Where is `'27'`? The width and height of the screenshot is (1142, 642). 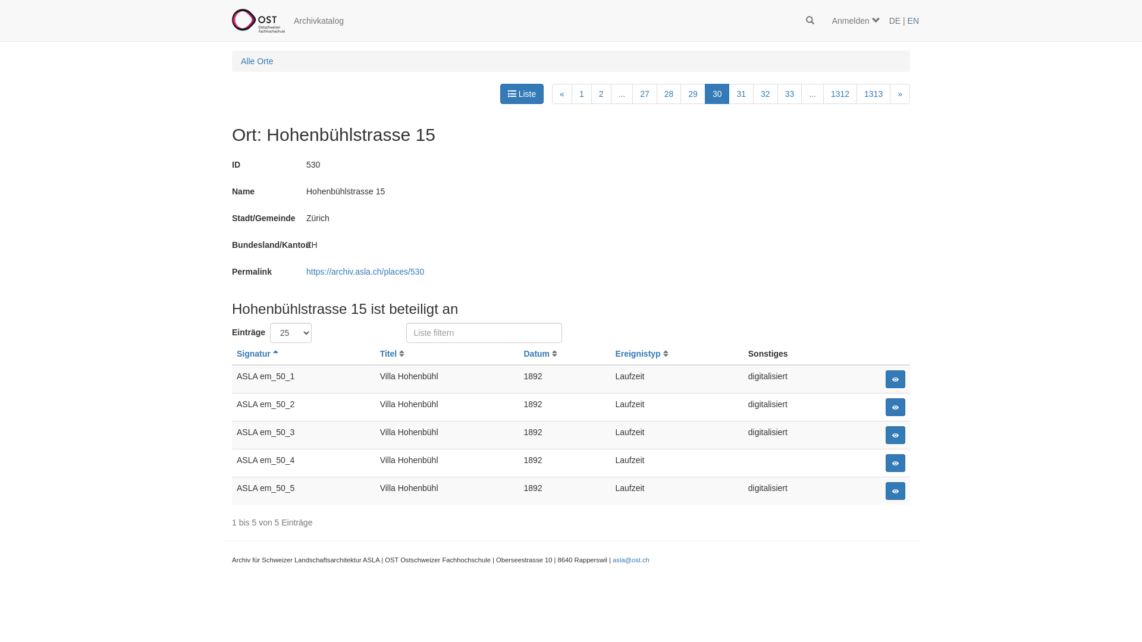 '27' is located at coordinates (644, 93).